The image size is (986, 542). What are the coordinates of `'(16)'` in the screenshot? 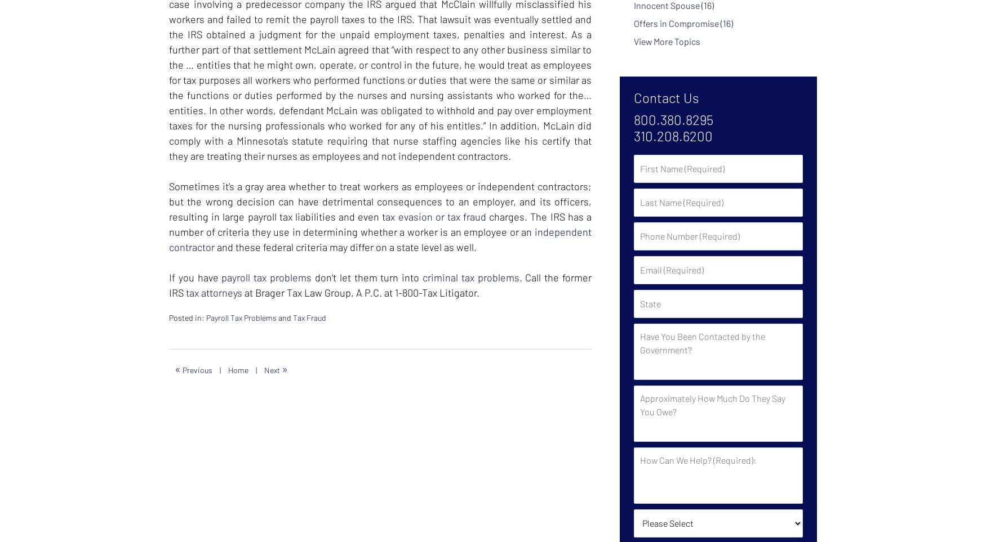 It's located at (726, 22).